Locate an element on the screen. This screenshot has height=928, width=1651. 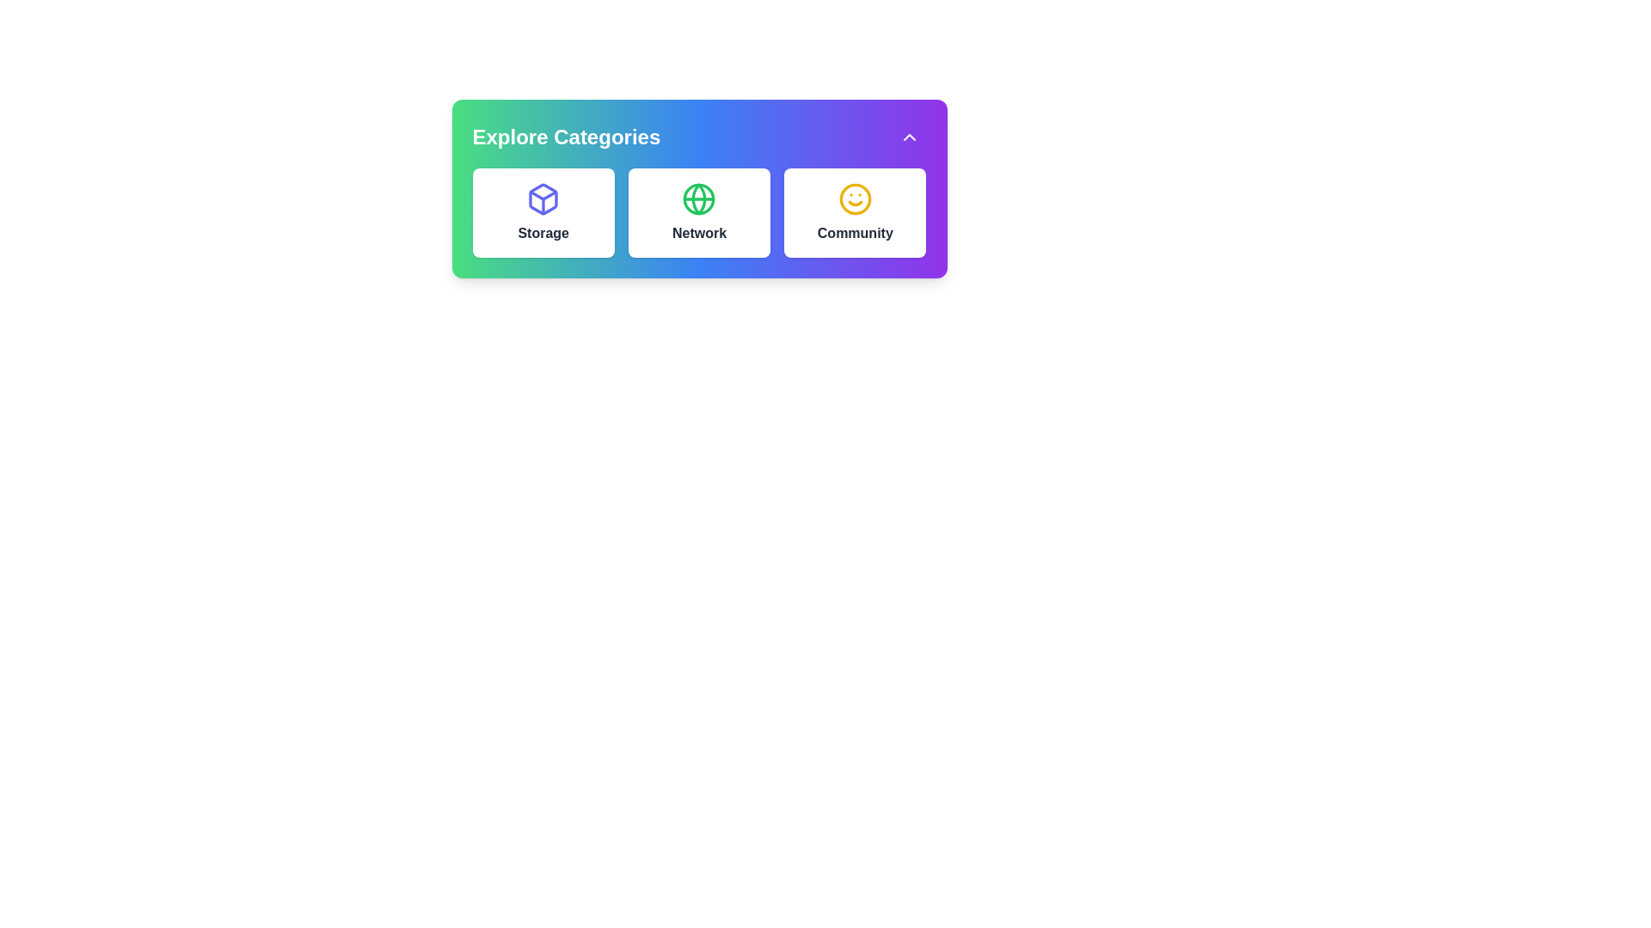
the bold, large-sized text label that reads 'Explore Categories', which is styled in white against a gradient background transitioning from green to blue is located at coordinates (566, 136).